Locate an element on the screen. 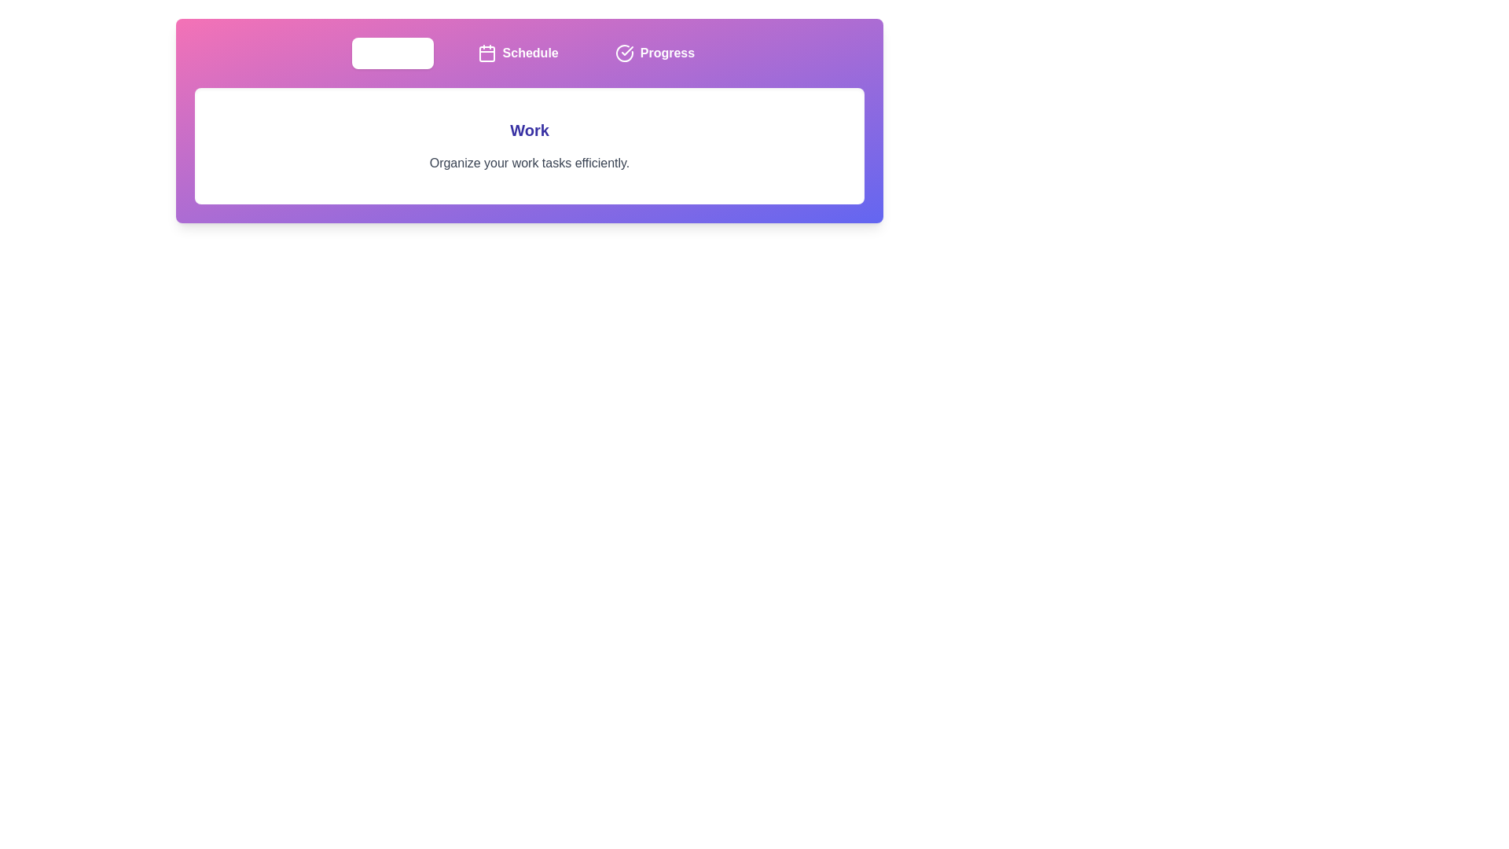 The height and width of the screenshot is (849, 1509). the tab labeled Schedule is located at coordinates (518, 53).